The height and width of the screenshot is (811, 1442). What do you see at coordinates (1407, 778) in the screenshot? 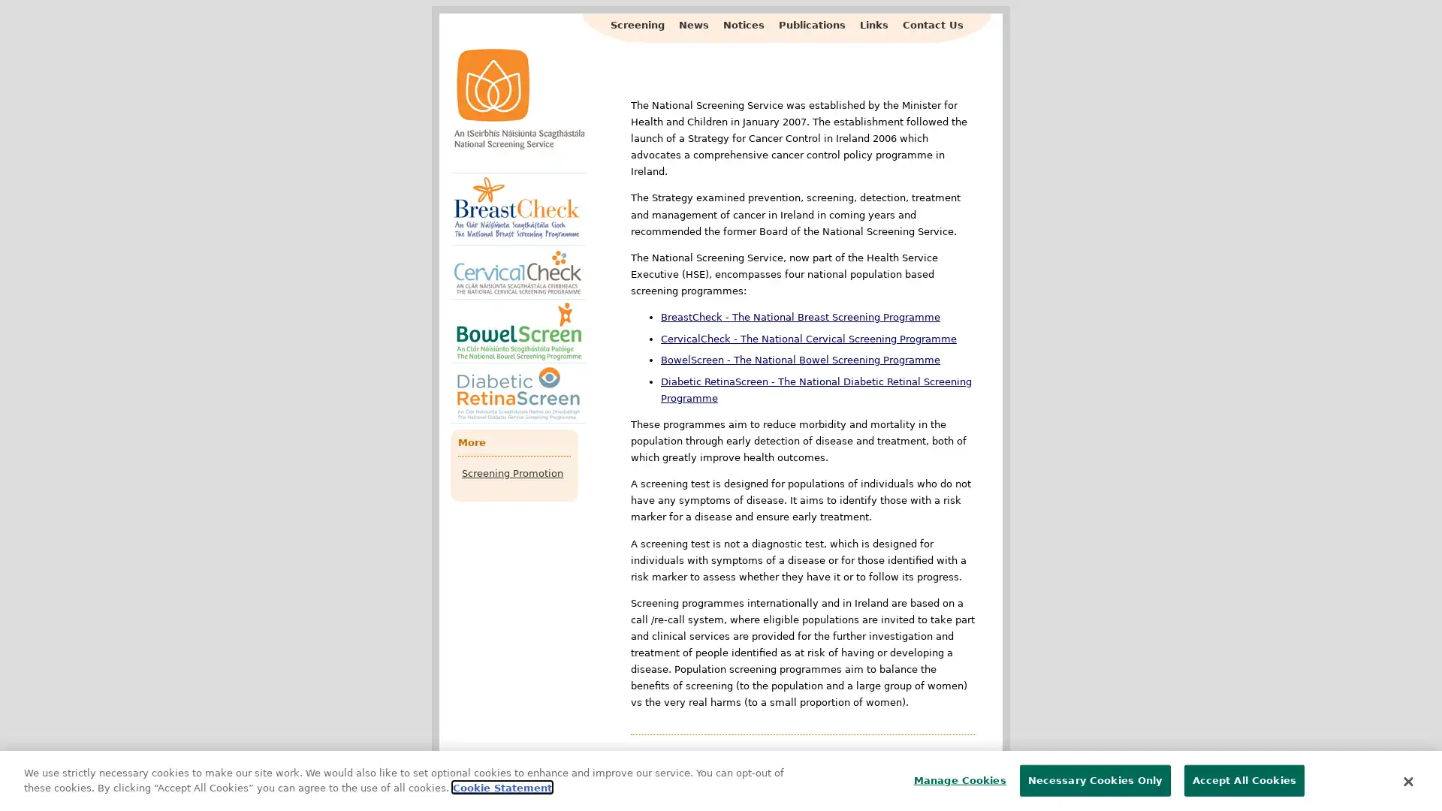
I see `Close` at bounding box center [1407, 778].